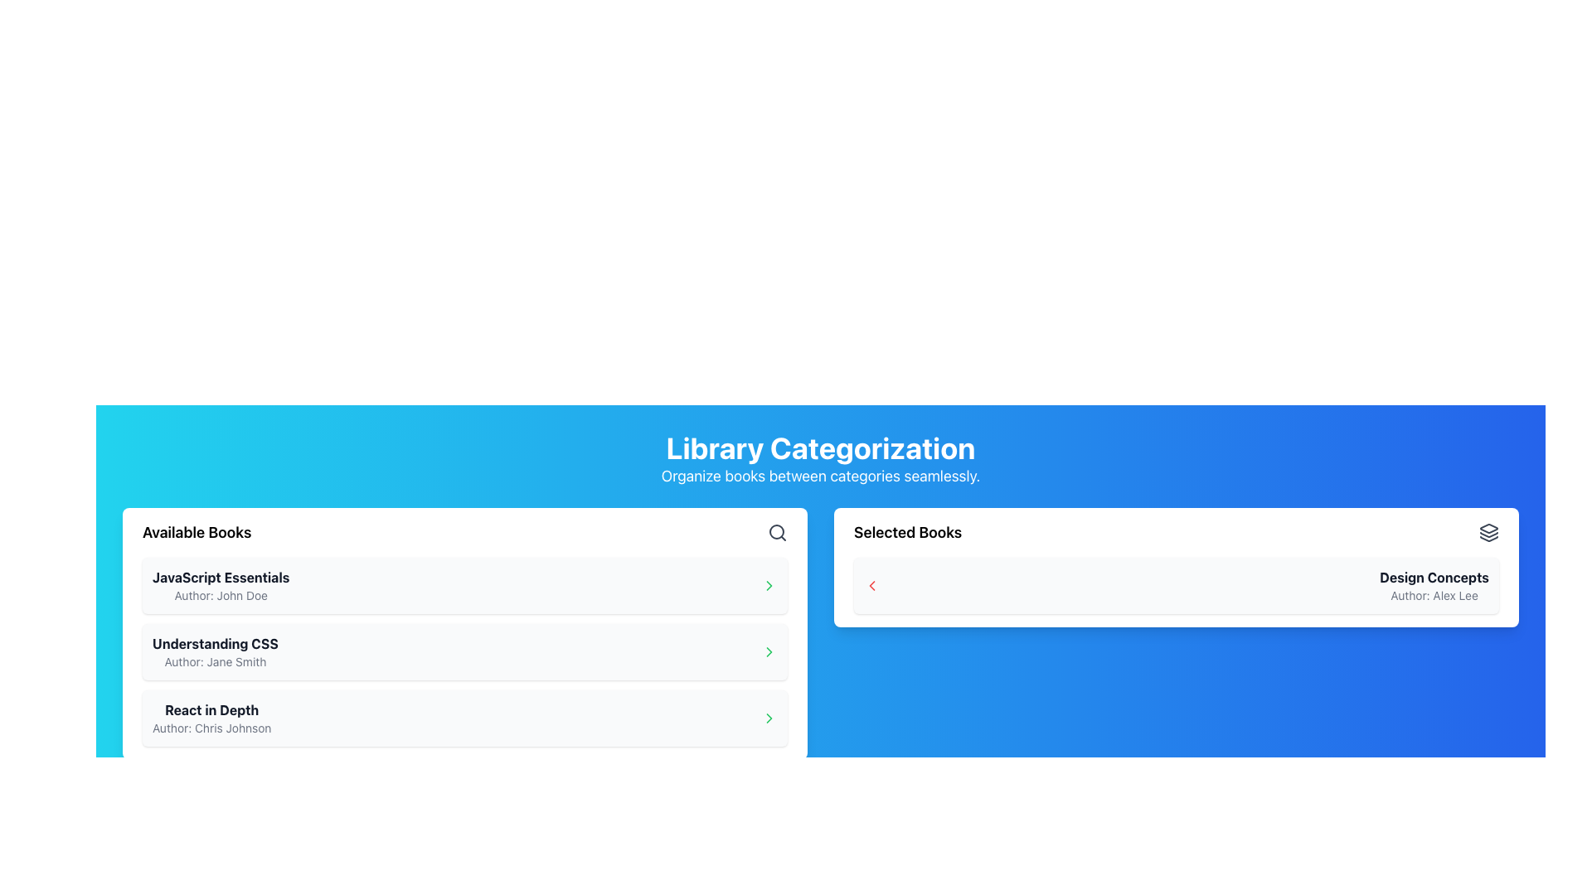 The image size is (1592, 895). I want to click on the title text of the selected book in the 'Selected Books' section, which is the topmost text in the book details card, so click(1434, 577).